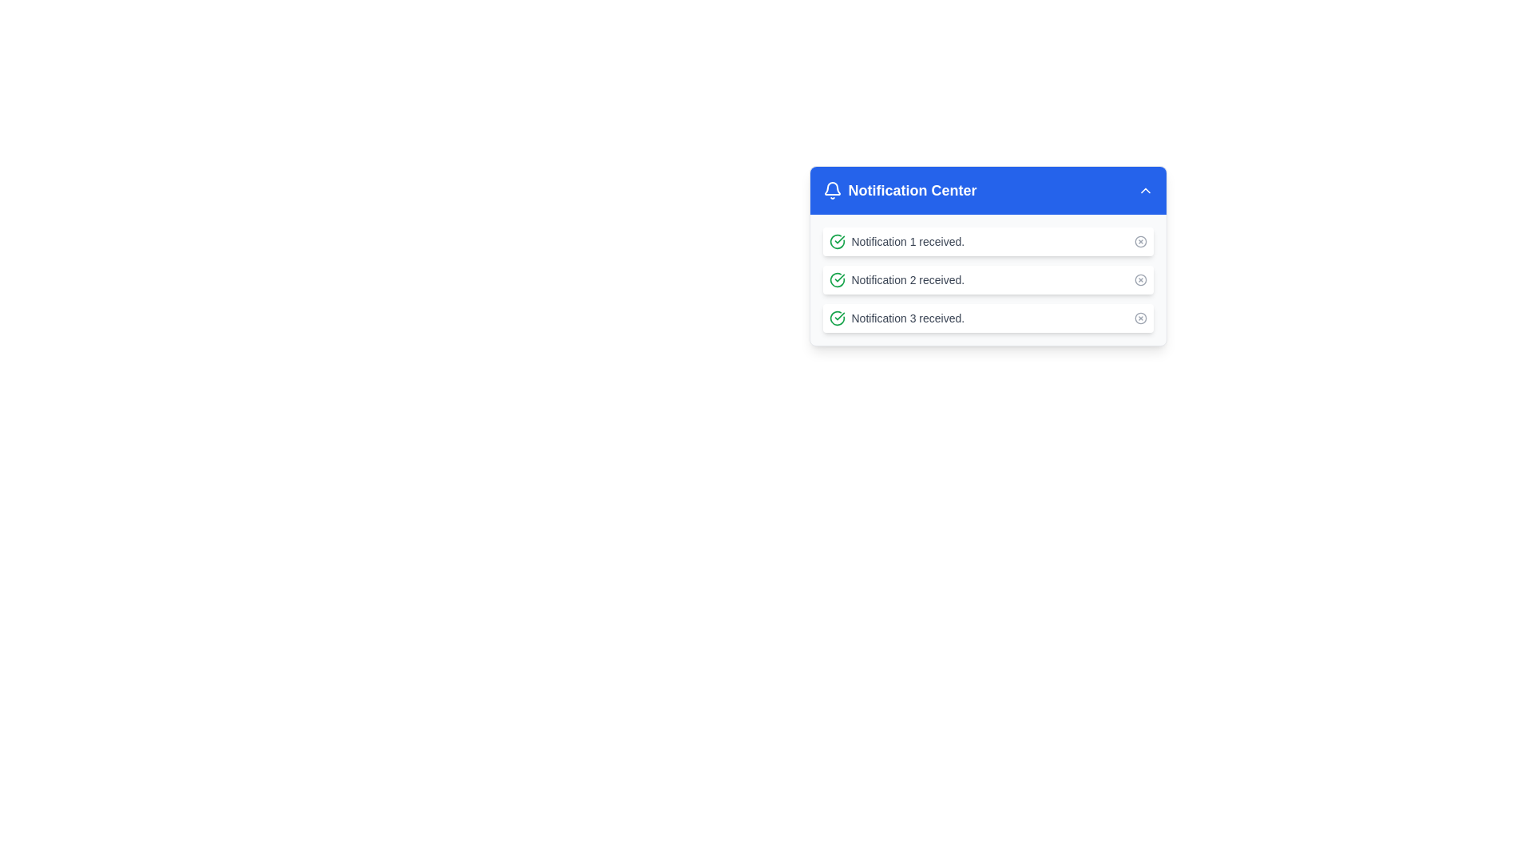 Image resolution: width=1533 pixels, height=862 pixels. Describe the element at coordinates (897, 318) in the screenshot. I see `the third notification item labeled 'Notification 3 received' in the 'Notification Center' popup, which is a read-only text label with an accompanying icon` at that location.